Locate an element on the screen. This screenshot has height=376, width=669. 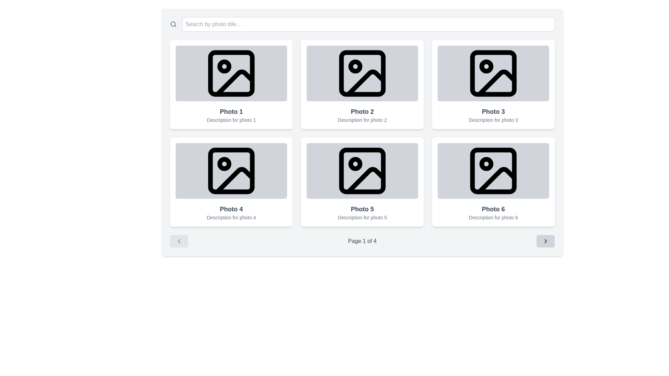
the graphical decoration (SVG rectangle with rounded corners) that represents 'Photo 6' in the bottom-right corner of the grid layout is located at coordinates (493, 171).